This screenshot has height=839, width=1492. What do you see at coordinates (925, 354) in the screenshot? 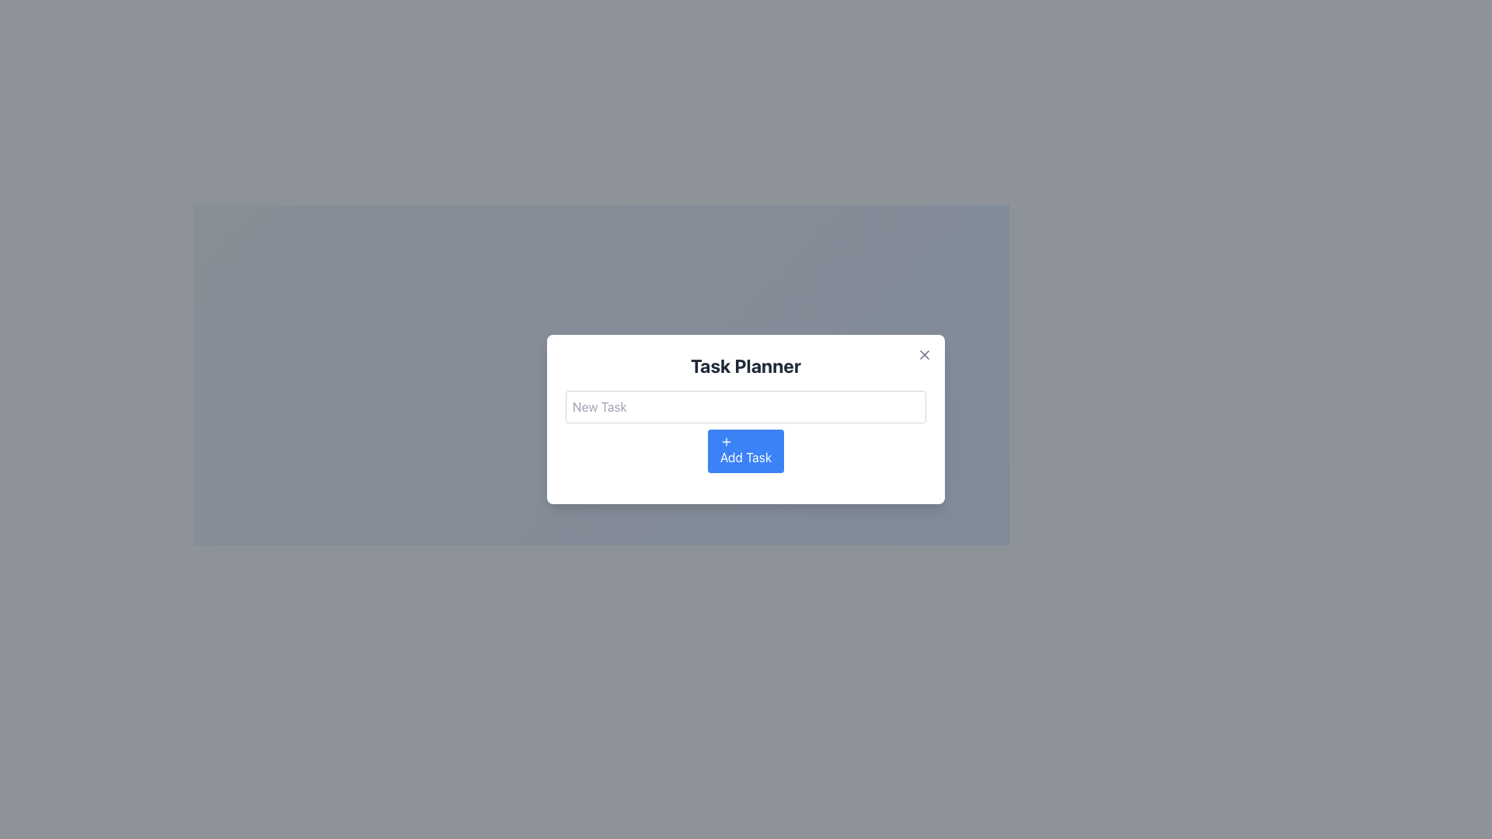
I see `the inner portion of the 'X' icon in the top-right section of the 'Task Planner' popup` at bounding box center [925, 354].